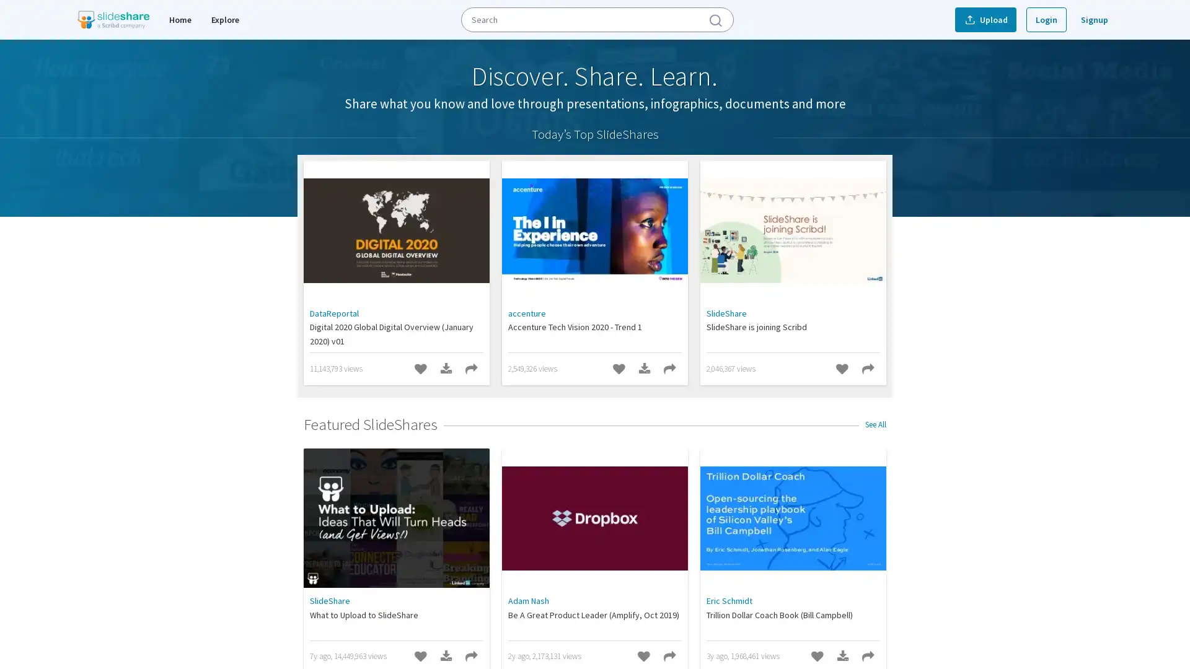 This screenshot has width=1190, height=669. I want to click on Like Be A Great Product Leader (Amplify, Oct 2019) SlideShare., so click(645, 655).